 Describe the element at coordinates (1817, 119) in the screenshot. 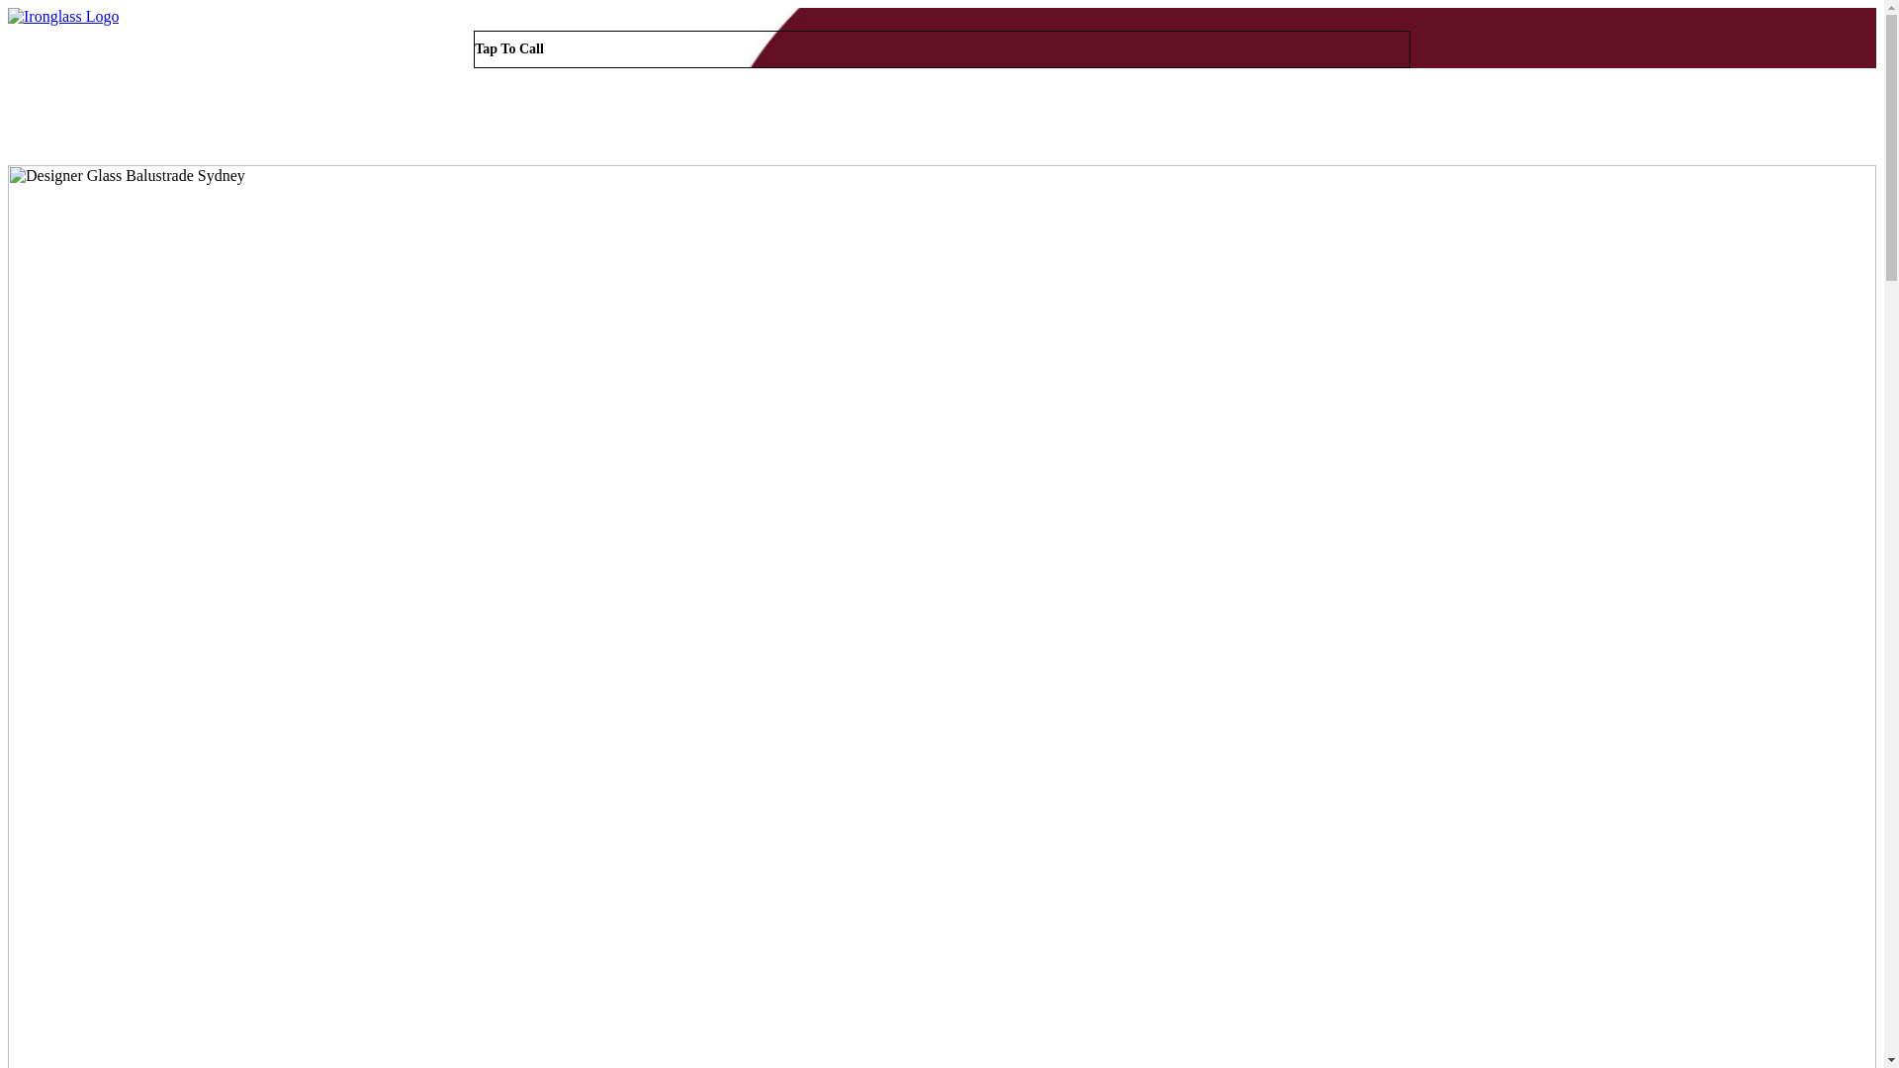

I see `'Contact'` at that location.